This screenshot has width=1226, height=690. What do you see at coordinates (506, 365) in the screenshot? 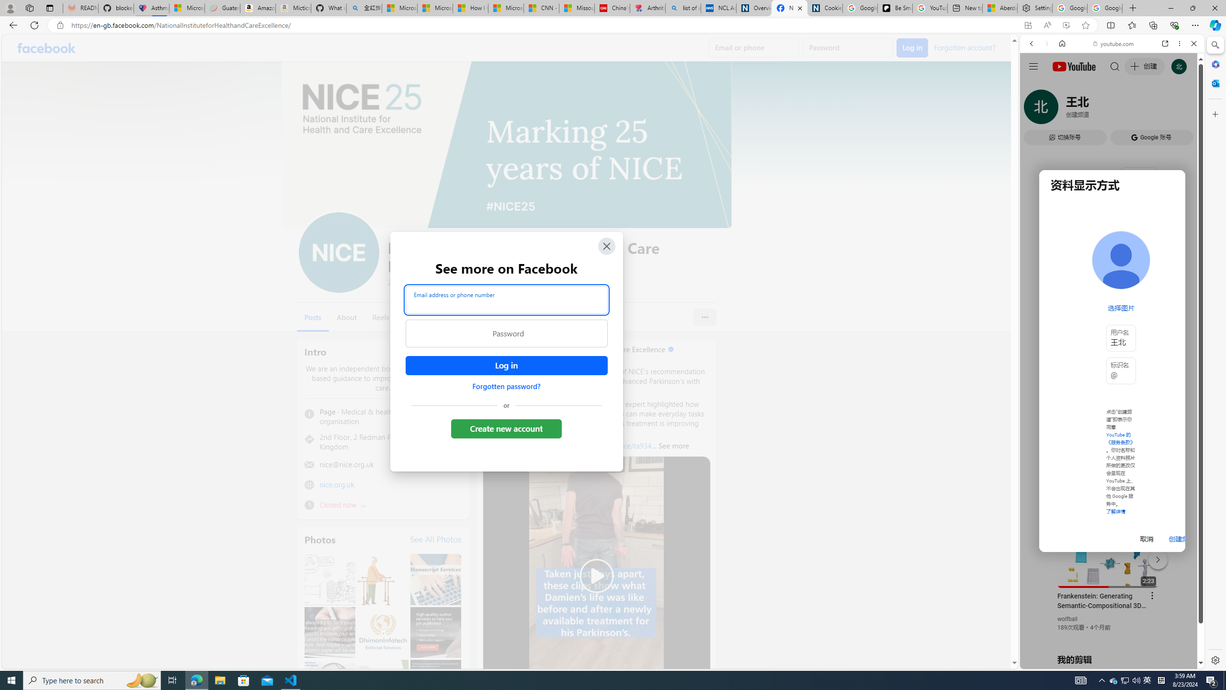
I see `'Accessible login button'` at bounding box center [506, 365].